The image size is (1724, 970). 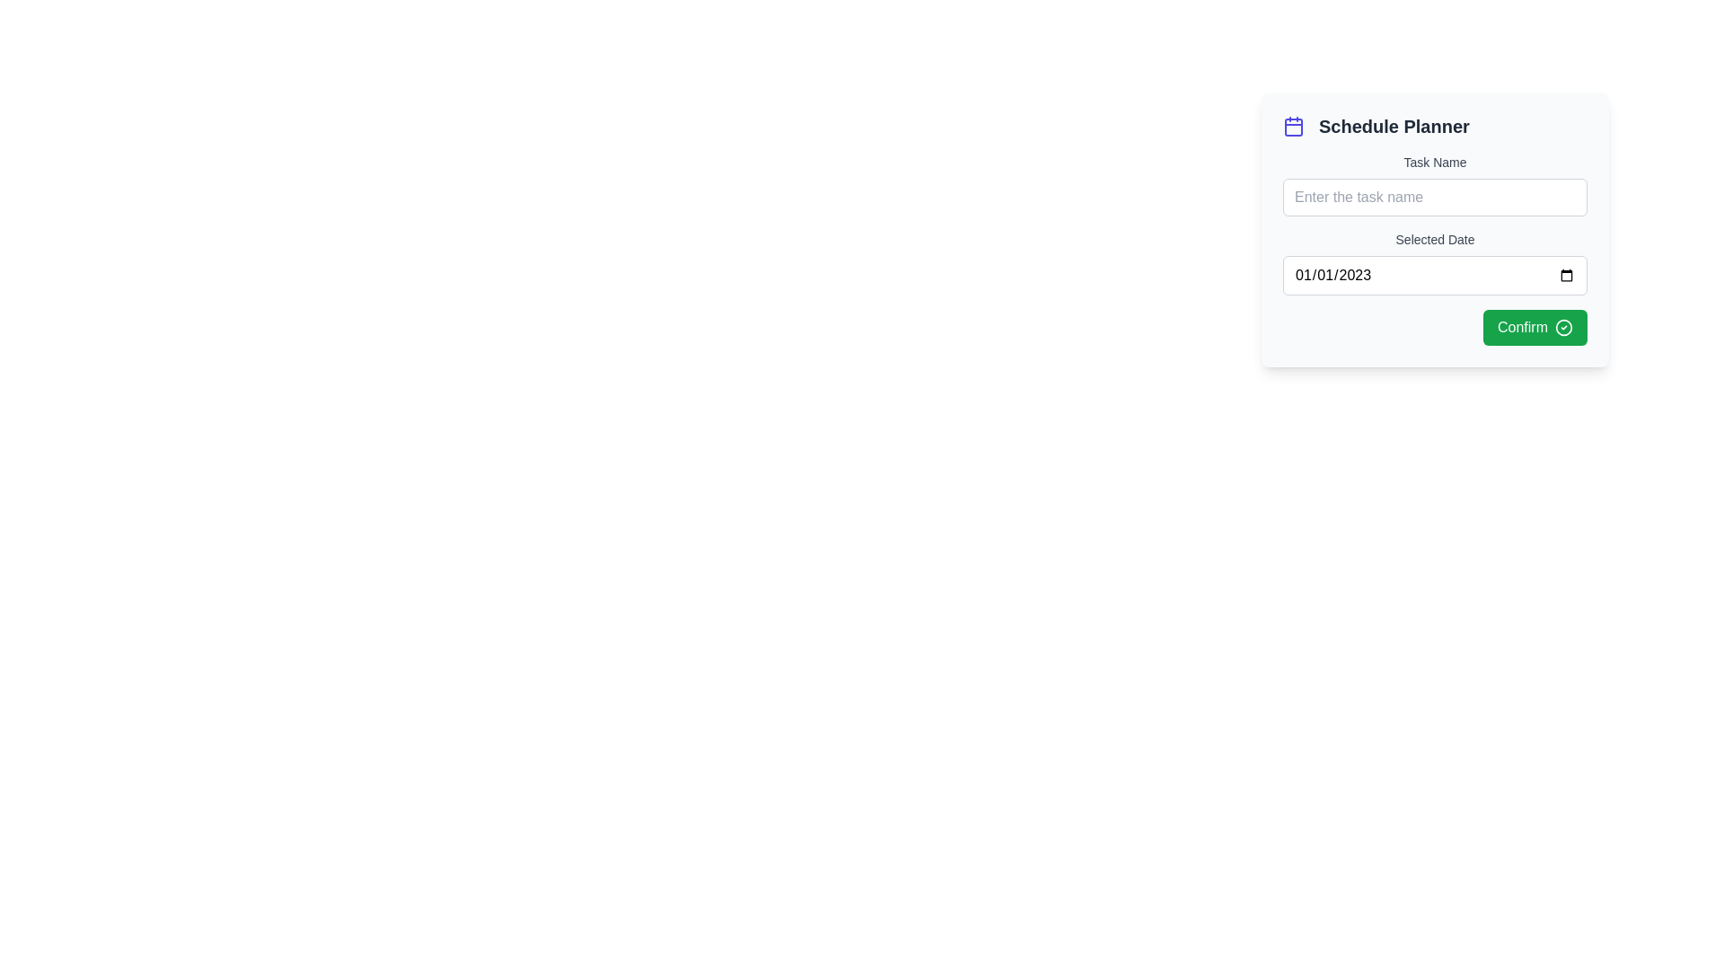 What do you see at coordinates (1434, 163) in the screenshot?
I see `the Text Label that guides users to enter the task name in the associated text input field, located at the top of the form` at bounding box center [1434, 163].